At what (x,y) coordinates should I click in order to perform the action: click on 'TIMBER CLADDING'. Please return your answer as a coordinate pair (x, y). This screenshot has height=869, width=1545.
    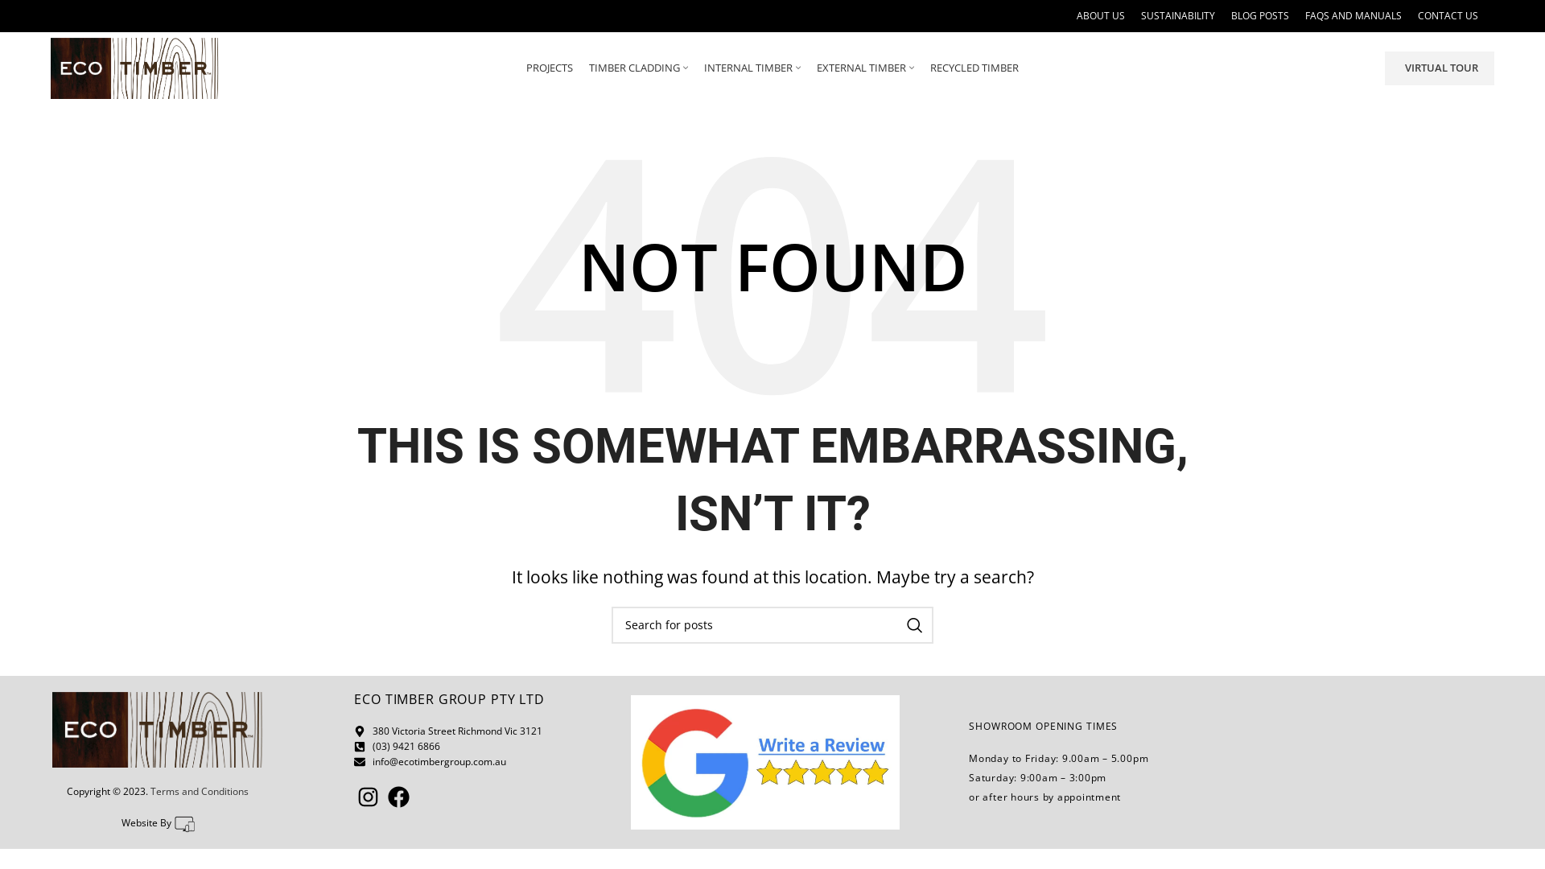
    Looking at the image, I should click on (637, 67).